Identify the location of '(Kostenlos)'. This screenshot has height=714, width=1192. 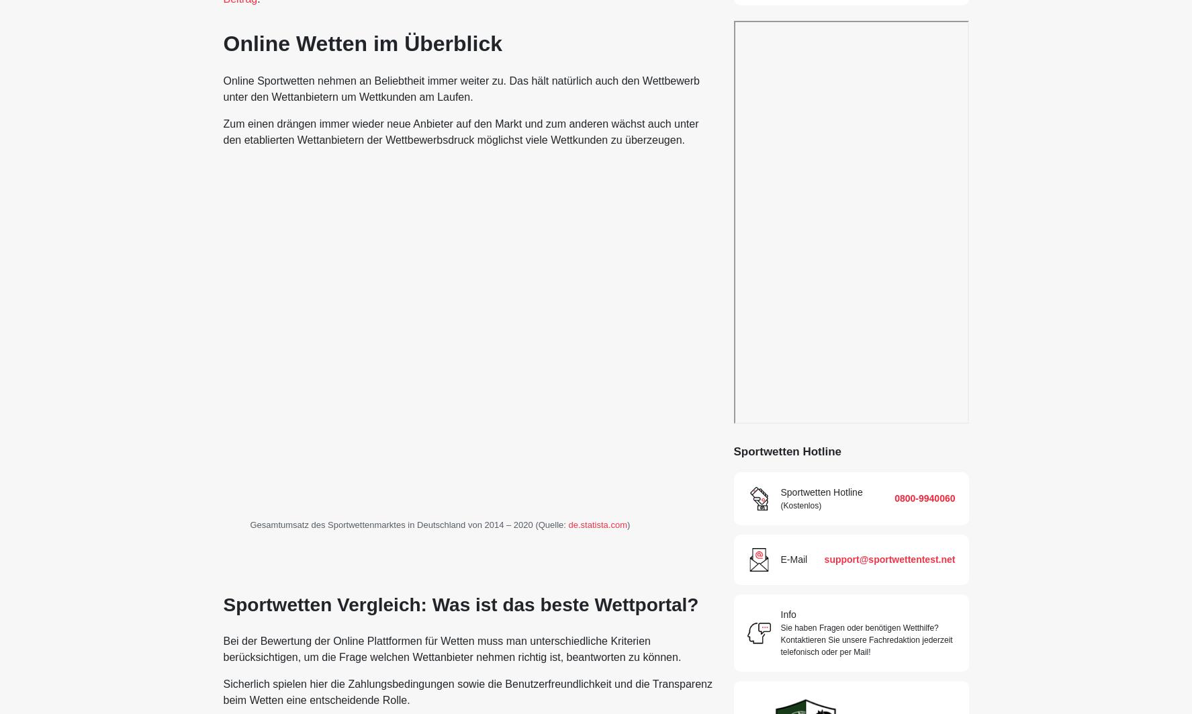
(779, 505).